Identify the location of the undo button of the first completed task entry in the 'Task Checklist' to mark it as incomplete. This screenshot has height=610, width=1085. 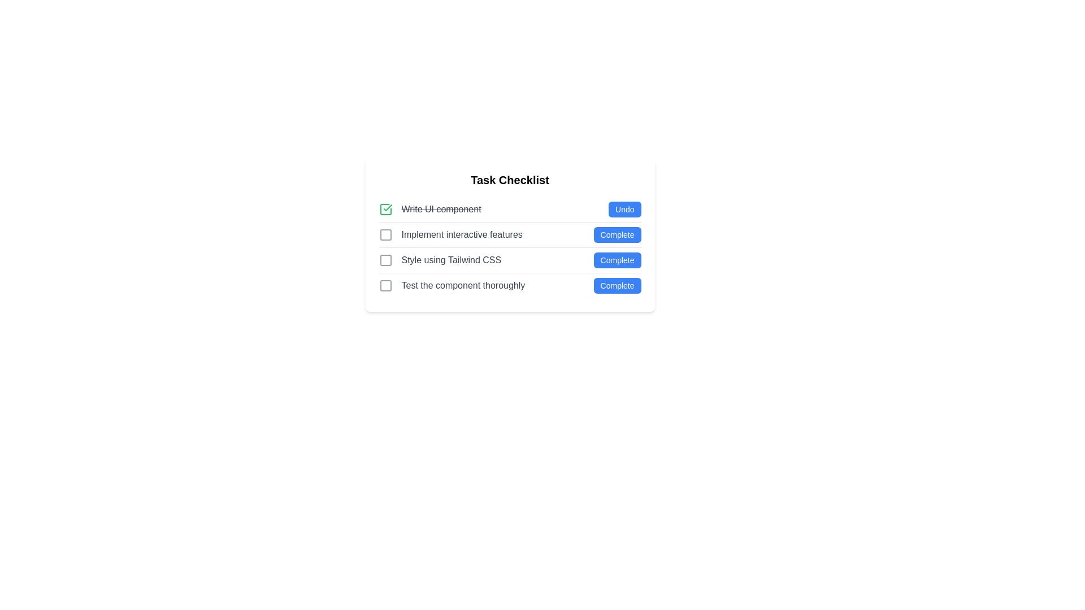
(509, 210).